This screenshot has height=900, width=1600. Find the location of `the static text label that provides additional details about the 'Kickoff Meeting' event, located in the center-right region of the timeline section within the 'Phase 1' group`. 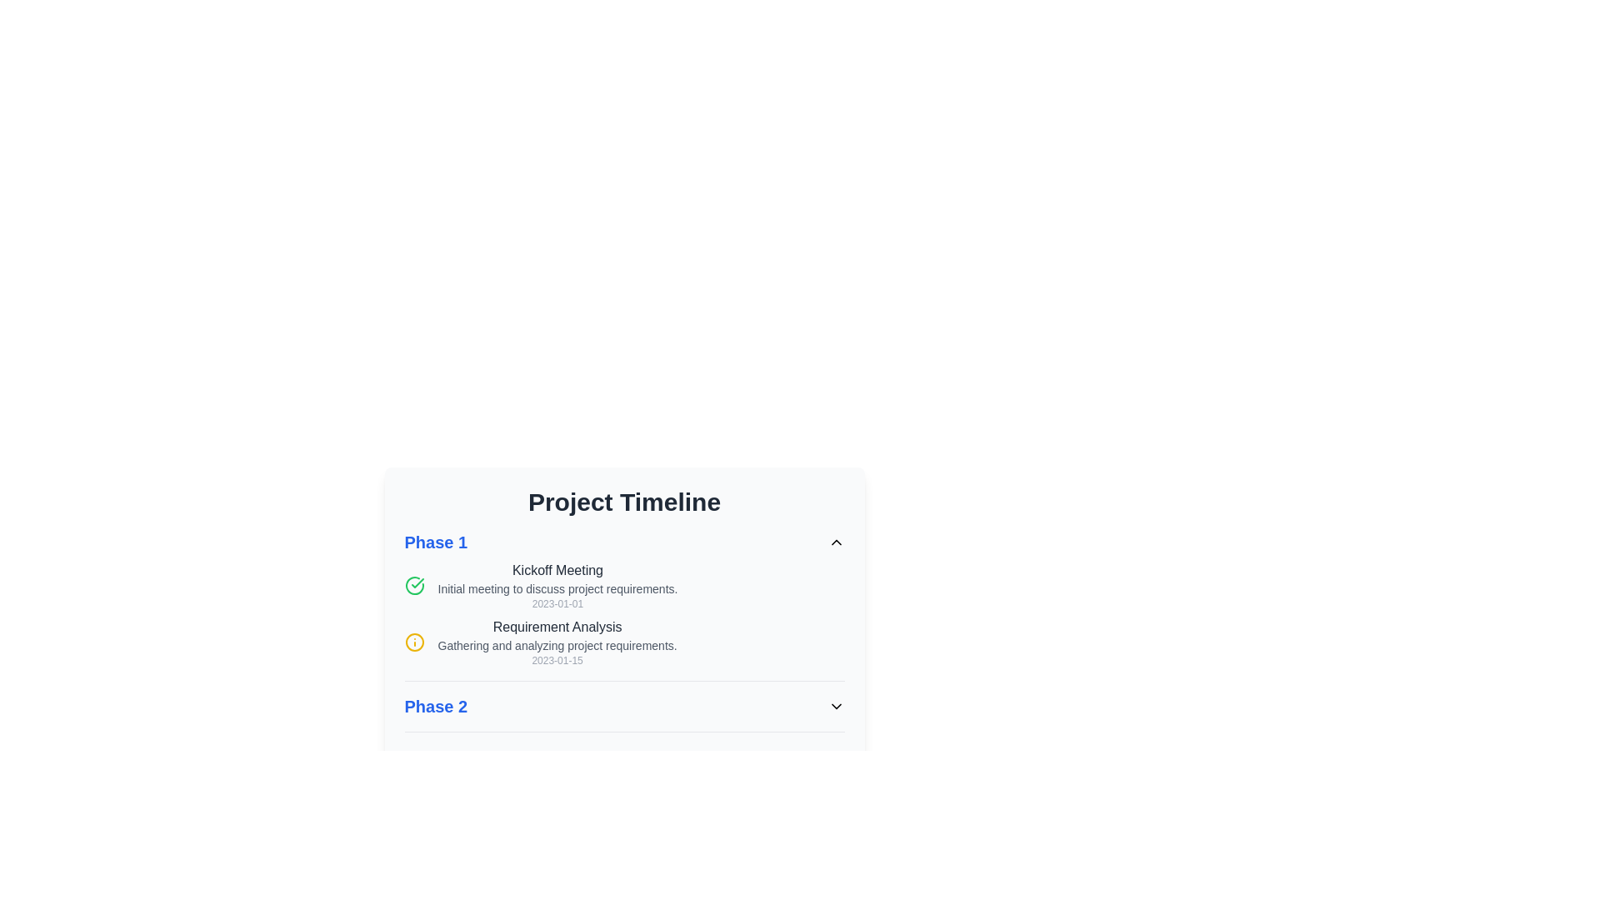

the static text label that provides additional details about the 'Kickoff Meeting' event, located in the center-right region of the timeline section within the 'Phase 1' group is located at coordinates (557, 587).